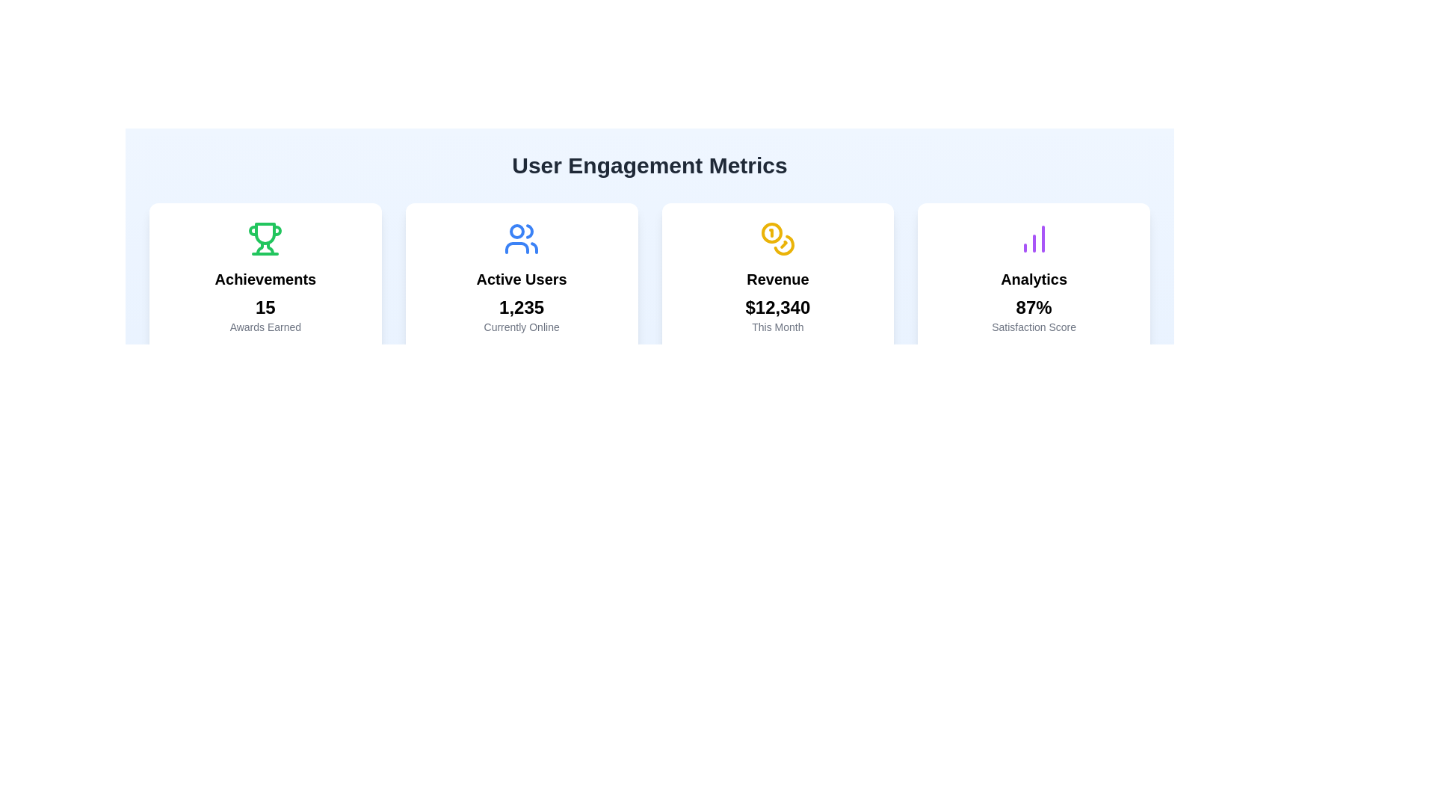 Image resolution: width=1435 pixels, height=807 pixels. I want to click on or click the right-side detail of the trophy icon in the 'Achievements' card of the 'User Engagement Metrics' section, so click(271, 247).